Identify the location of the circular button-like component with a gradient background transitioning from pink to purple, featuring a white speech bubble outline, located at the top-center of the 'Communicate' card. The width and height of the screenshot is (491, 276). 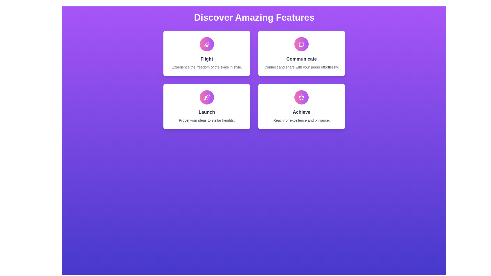
(302, 44).